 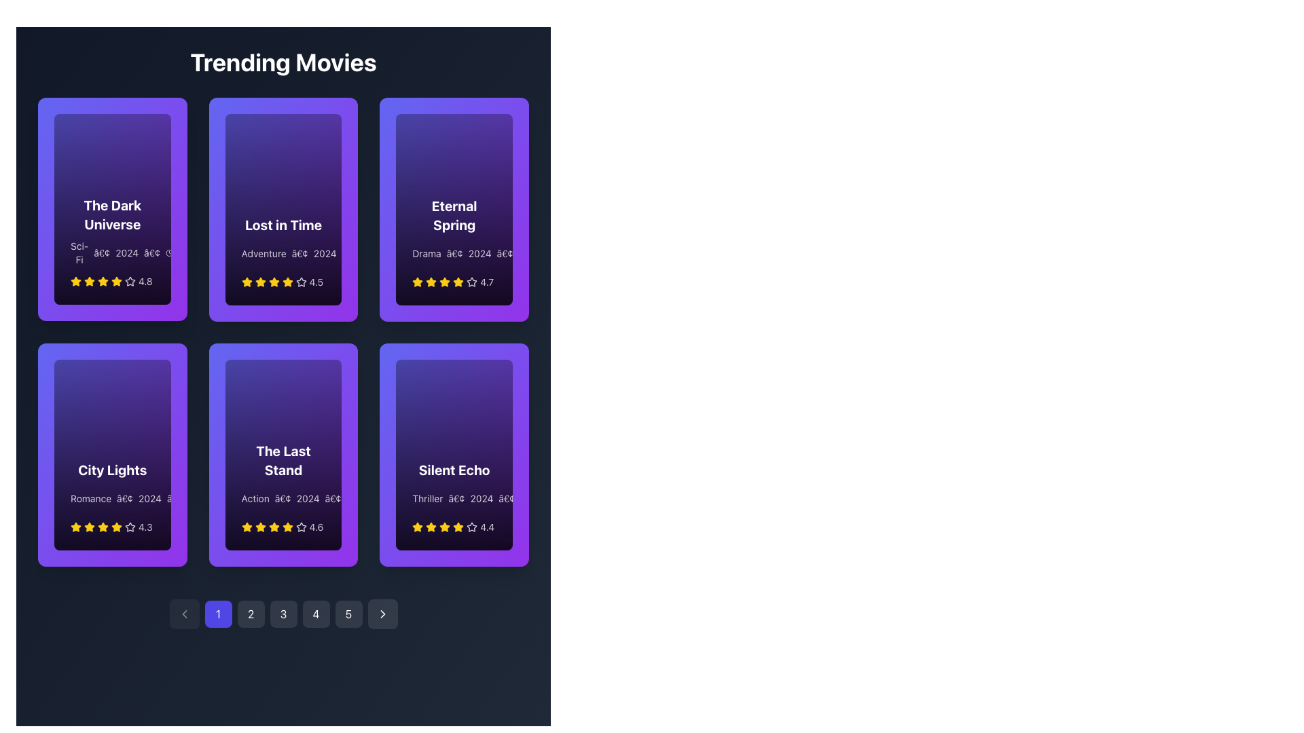 What do you see at coordinates (283, 253) in the screenshot?
I see `the text label that reads 'Adventure • 2024 • 1h 55m', which is styled in small, thin white font with partial transparency, located within the second card in the top row of the grid layout, below the title 'Lost in Time' and above the rating stars` at bounding box center [283, 253].